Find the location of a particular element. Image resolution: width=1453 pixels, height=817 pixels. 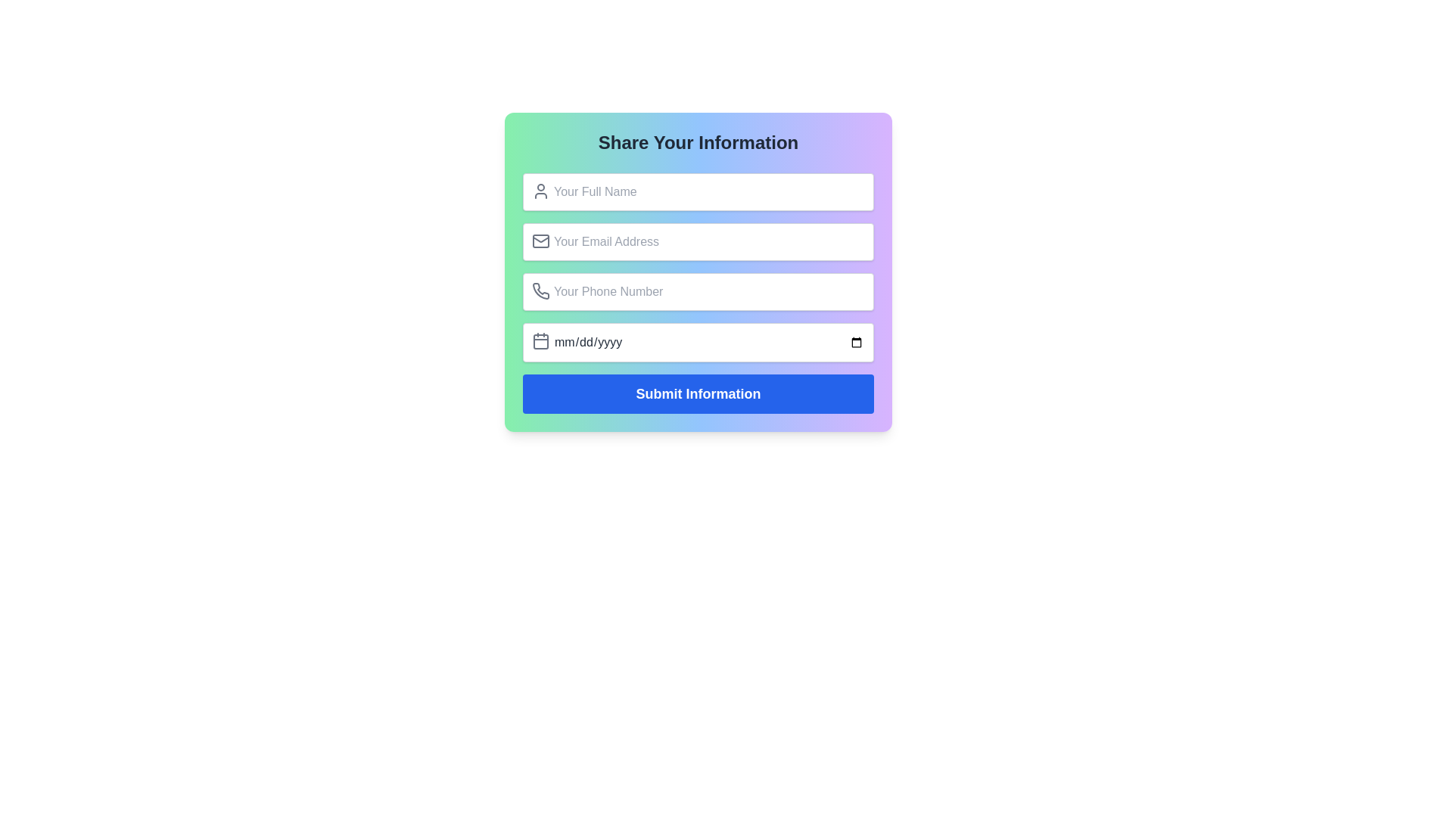

the email input field, which is styled with a white background and rounded corners, located below the 'Your Full Name' input and above the 'Your Phone Number' input in the form titled 'Share Your Information' is located at coordinates (697, 241).